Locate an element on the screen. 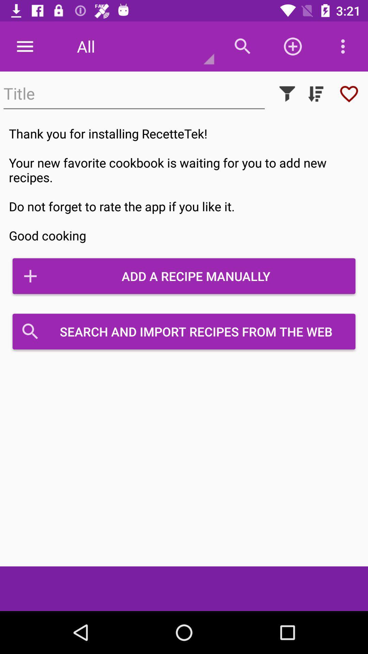 This screenshot has height=654, width=368. the search and import icon is located at coordinates (184, 331).